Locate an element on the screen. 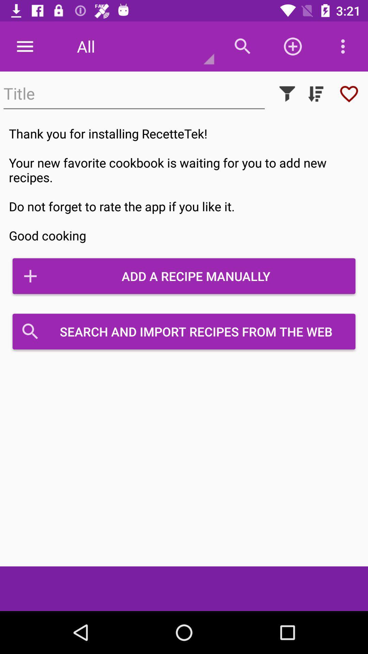 This screenshot has height=654, width=368. the search and import icon is located at coordinates (184, 331).